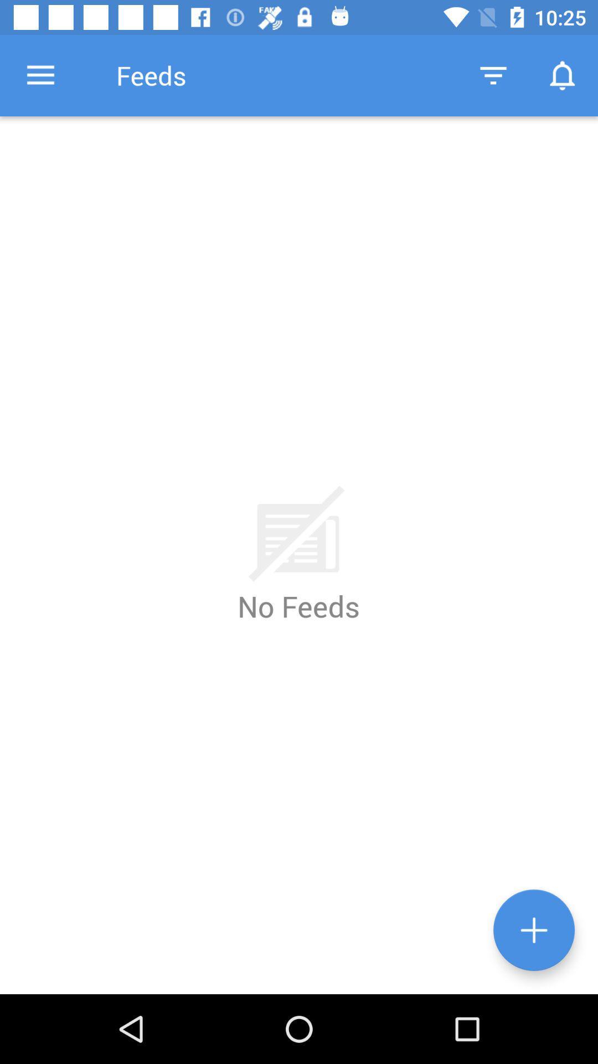 The height and width of the screenshot is (1064, 598). I want to click on the icon at the bottom right corner, so click(533, 930).